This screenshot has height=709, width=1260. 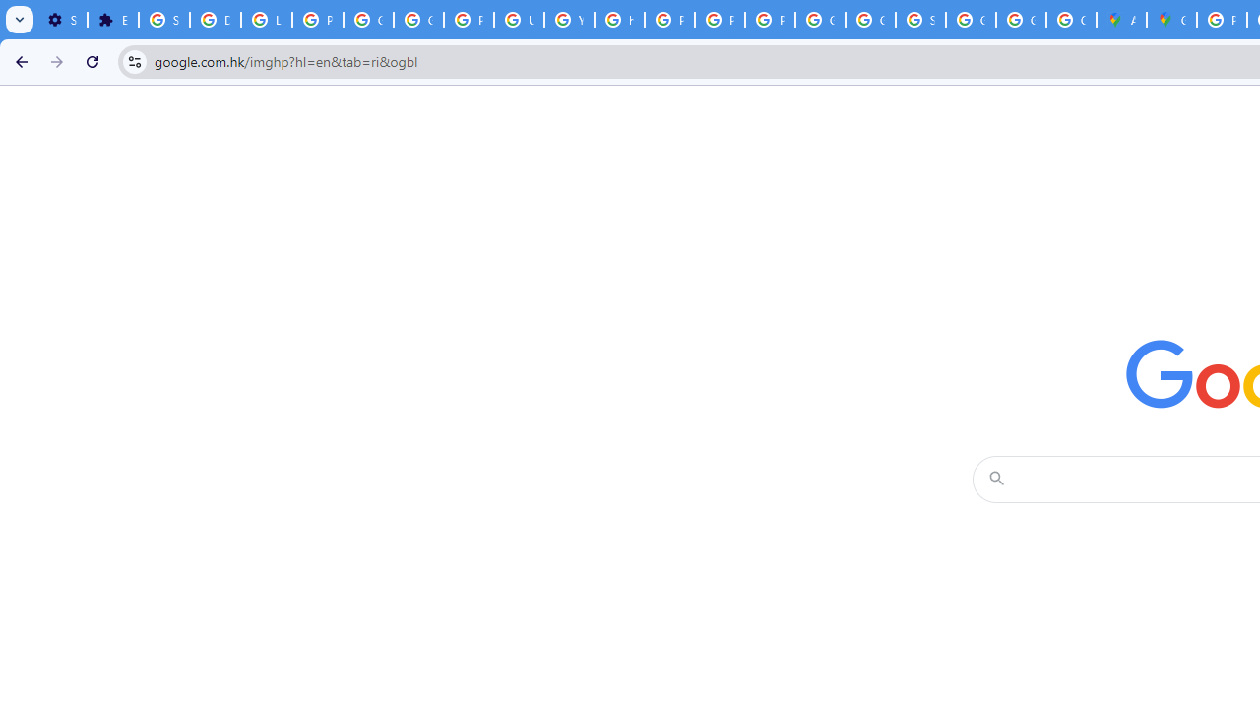 What do you see at coordinates (111, 20) in the screenshot?
I see `'Extensions'` at bounding box center [111, 20].